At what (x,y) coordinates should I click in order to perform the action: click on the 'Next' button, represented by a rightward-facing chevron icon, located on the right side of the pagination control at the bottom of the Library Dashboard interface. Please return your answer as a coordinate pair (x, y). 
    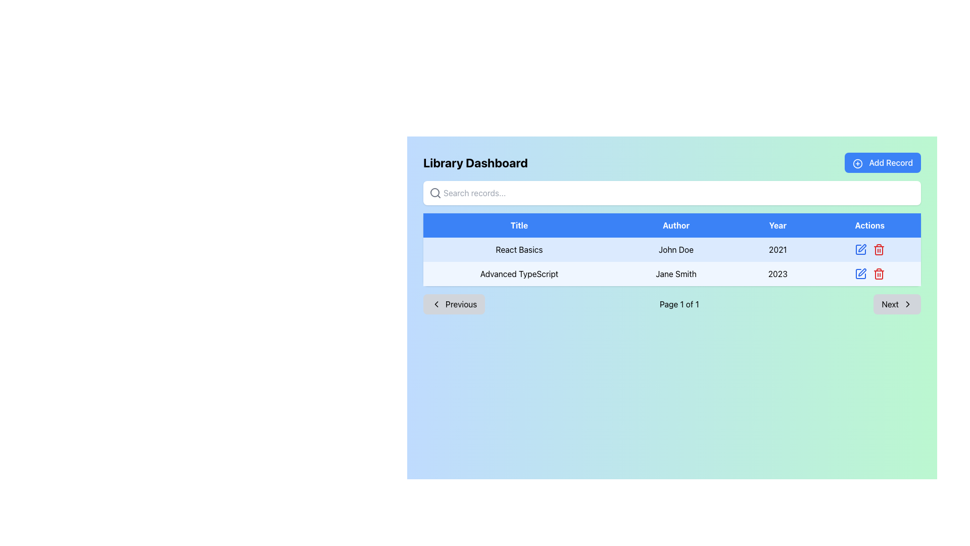
    Looking at the image, I should click on (907, 303).